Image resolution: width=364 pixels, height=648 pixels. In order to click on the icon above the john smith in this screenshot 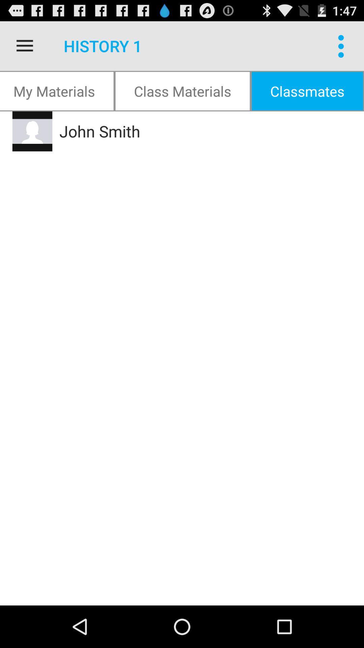, I will do `click(182, 90)`.